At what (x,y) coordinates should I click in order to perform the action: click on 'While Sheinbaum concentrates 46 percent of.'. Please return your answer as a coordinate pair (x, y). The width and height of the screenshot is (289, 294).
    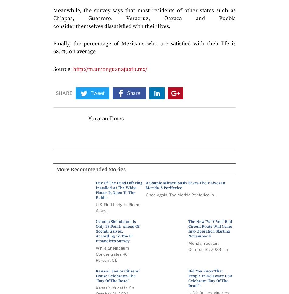
    Looking at the image, I should click on (112, 254).